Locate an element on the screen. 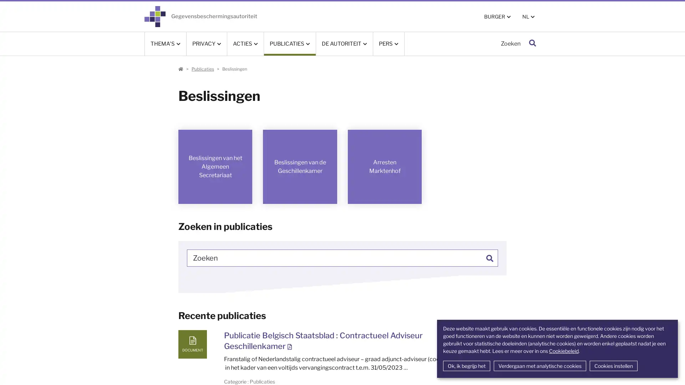 The image size is (685, 385). Zoeken is located at coordinates (532, 43).